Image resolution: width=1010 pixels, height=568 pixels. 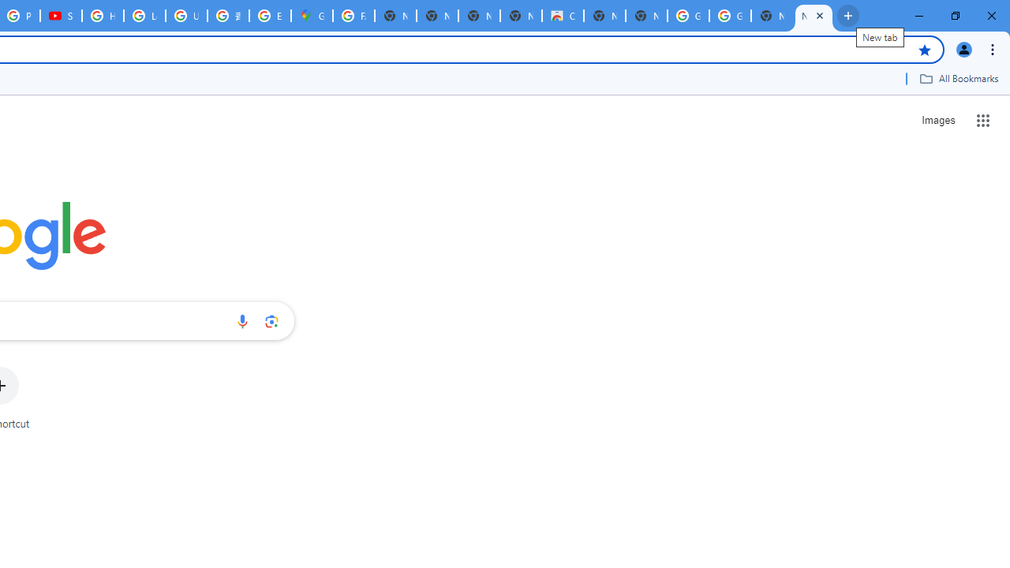 What do you see at coordinates (814, 16) in the screenshot?
I see `'New Tab'` at bounding box center [814, 16].